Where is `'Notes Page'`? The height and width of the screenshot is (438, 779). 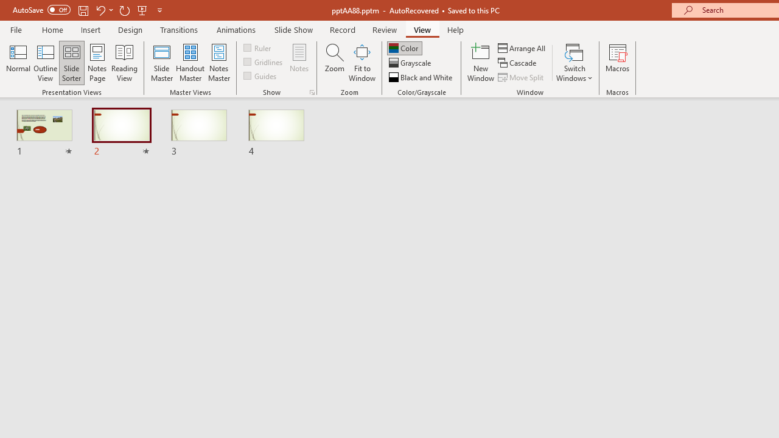
'Notes Page' is located at coordinates (97, 63).